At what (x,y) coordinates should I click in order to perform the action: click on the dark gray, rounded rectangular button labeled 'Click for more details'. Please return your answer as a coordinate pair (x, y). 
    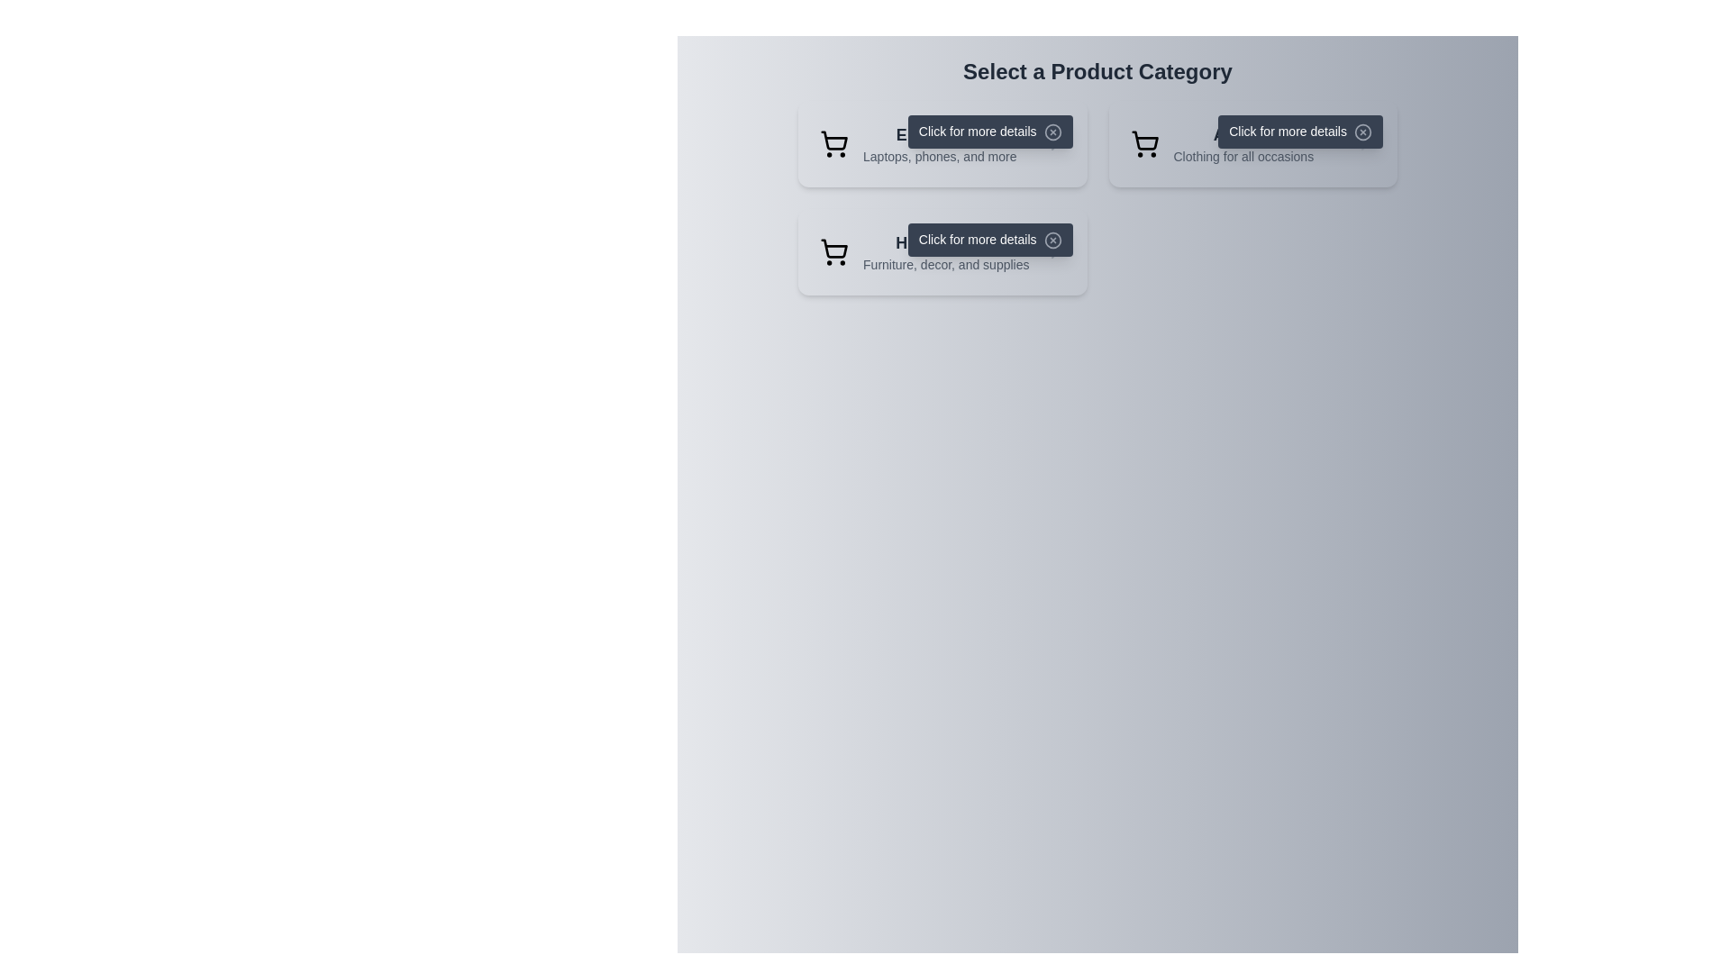
    Looking at the image, I should click on (1300, 131).